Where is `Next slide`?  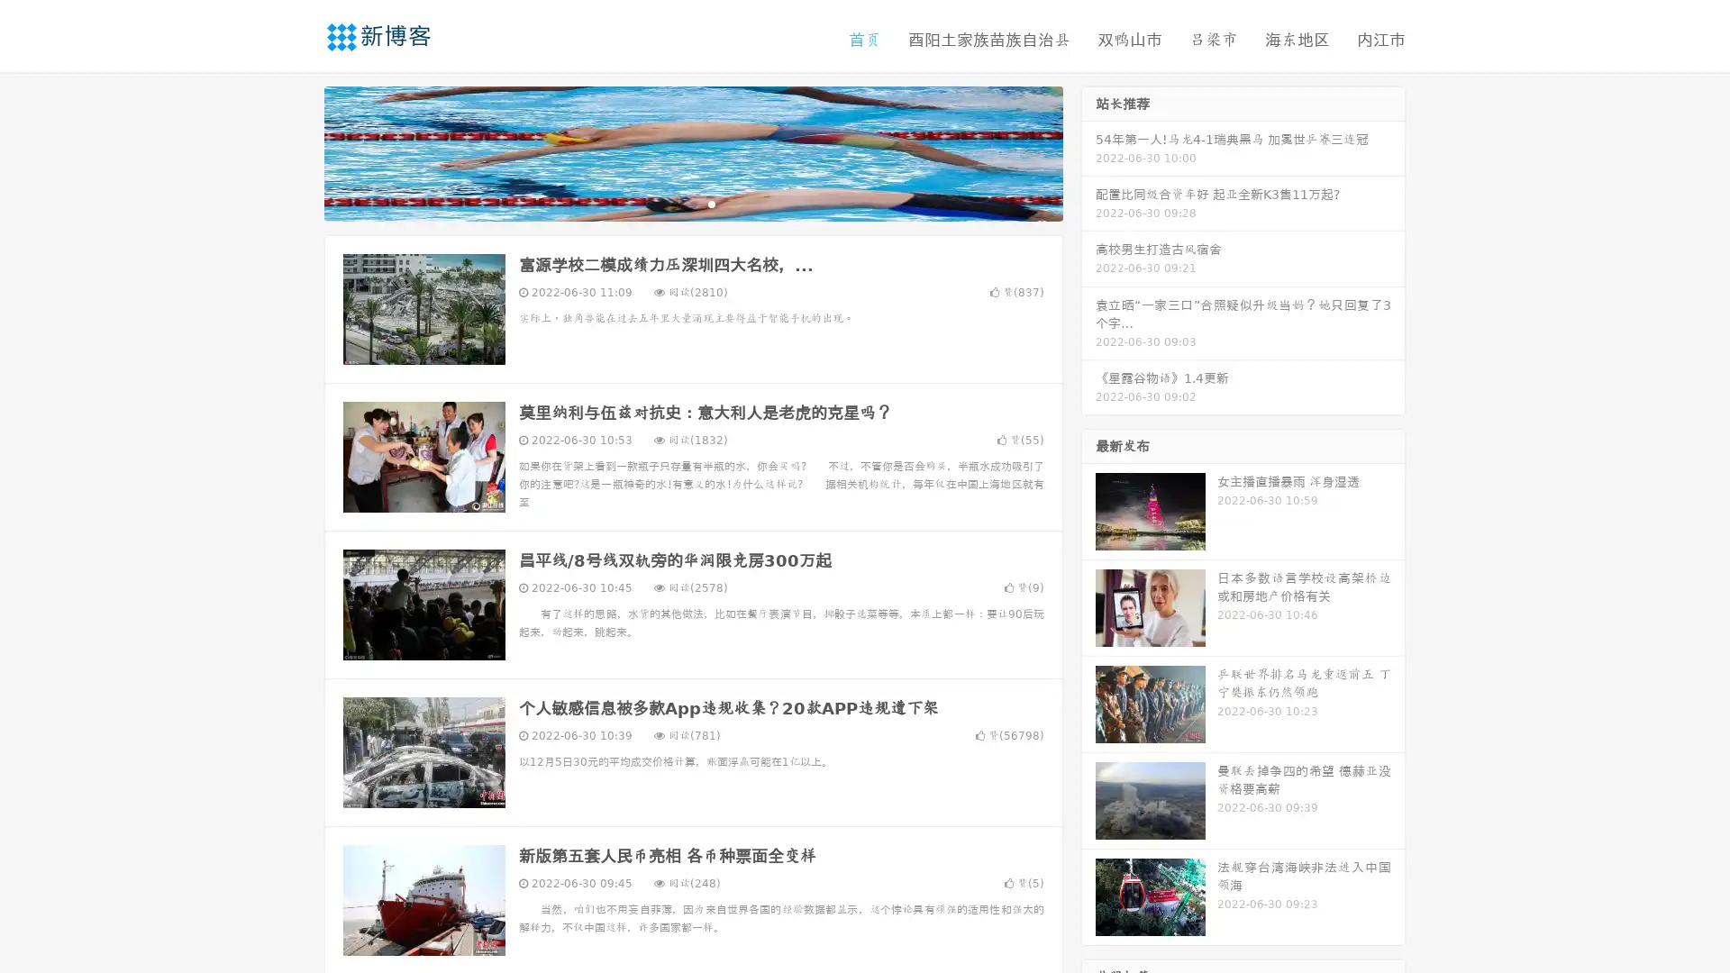
Next slide is located at coordinates (1088, 151).